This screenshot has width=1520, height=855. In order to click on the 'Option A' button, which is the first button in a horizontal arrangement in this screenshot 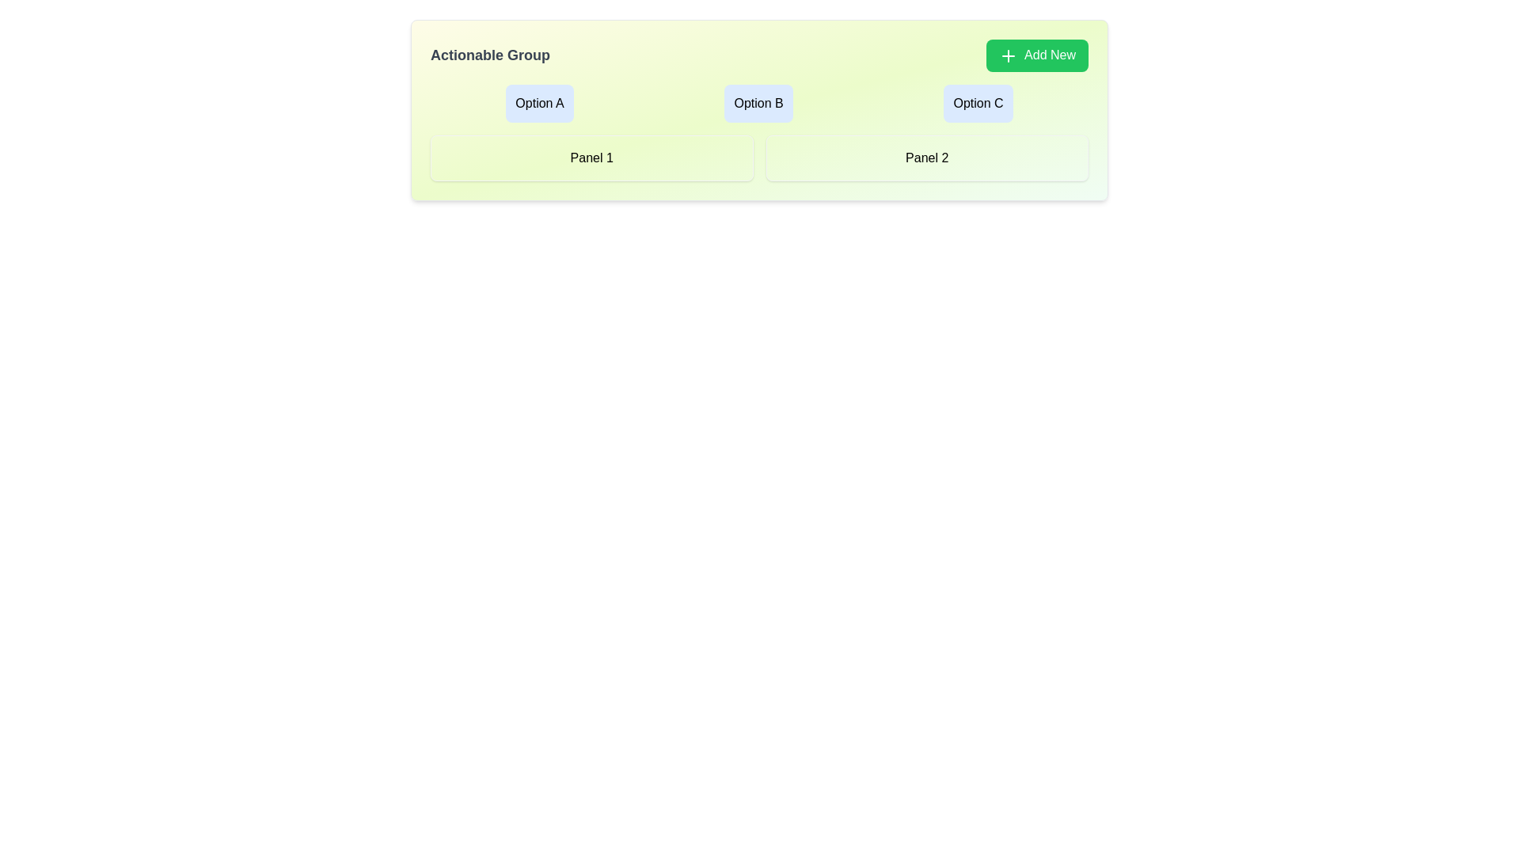, I will do `click(539, 103)`.